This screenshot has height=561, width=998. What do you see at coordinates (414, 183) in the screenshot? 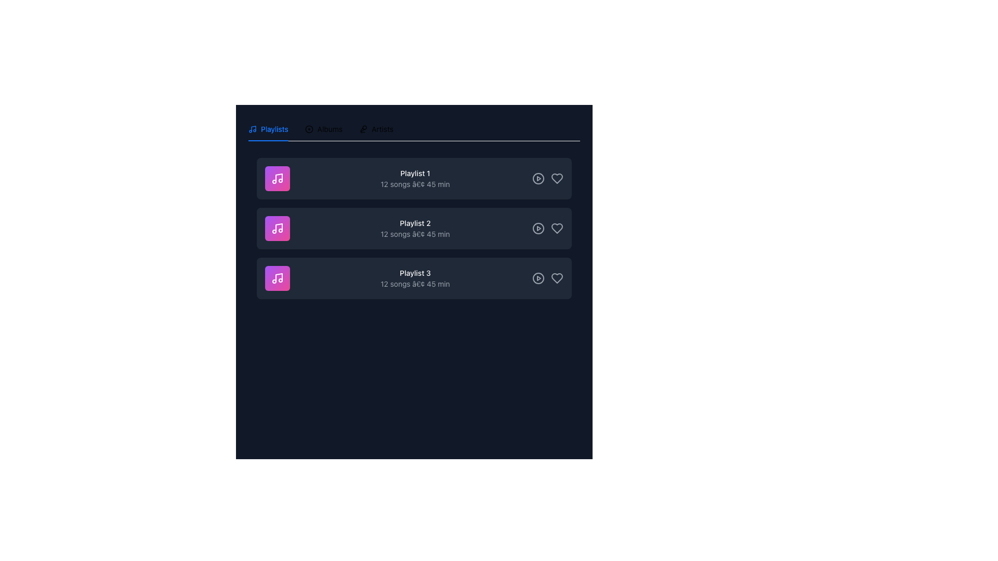
I see `the text label displaying '12 songs • 45 min', which is positioned below the 'Playlist 1' title, to provide supplementary information about the playlist` at bounding box center [414, 183].